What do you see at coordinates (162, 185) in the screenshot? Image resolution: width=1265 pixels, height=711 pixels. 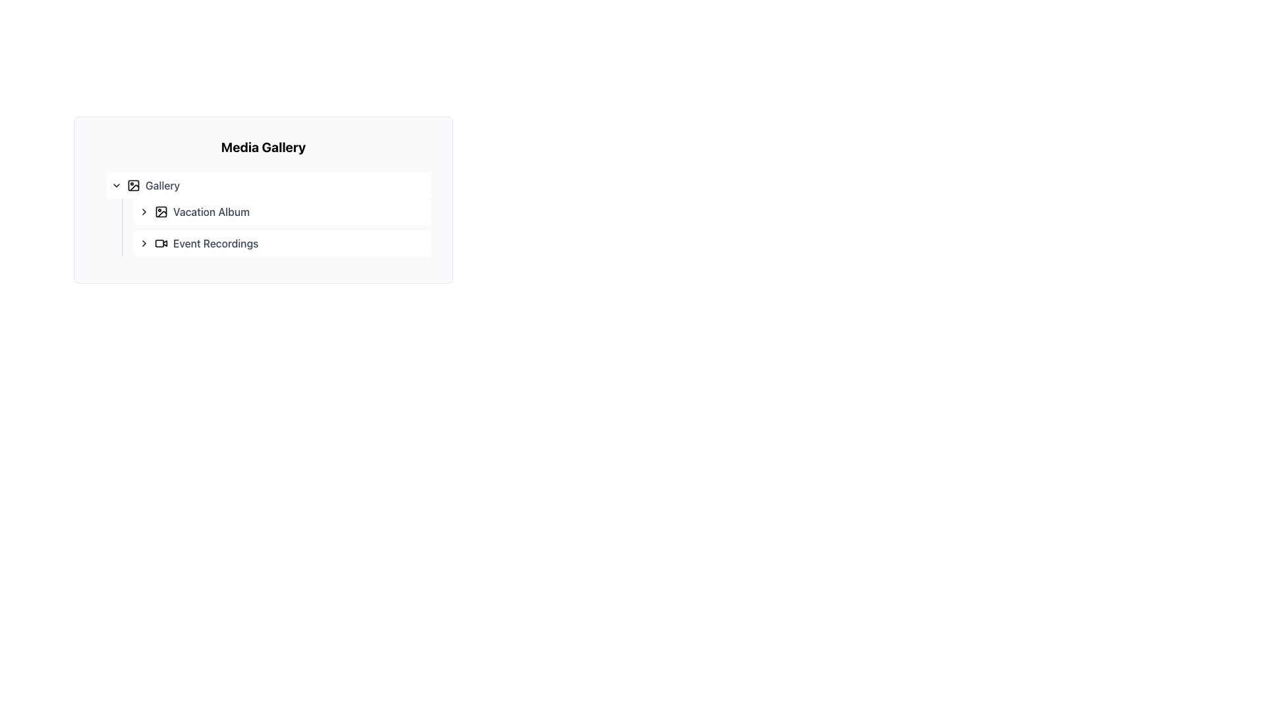 I see `the 'Gallery' text label which indicates the section of the user interface` at bounding box center [162, 185].